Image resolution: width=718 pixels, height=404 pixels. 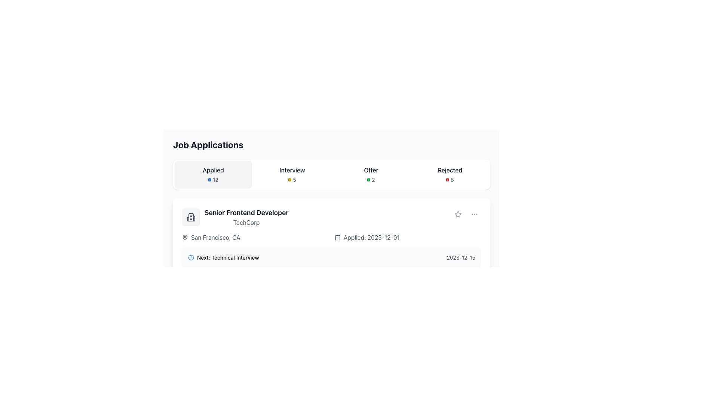 I want to click on the favorite button located to the left of the ellipsis menu icon in the job application entry to mark the job application as a favorite, so click(x=457, y=214).